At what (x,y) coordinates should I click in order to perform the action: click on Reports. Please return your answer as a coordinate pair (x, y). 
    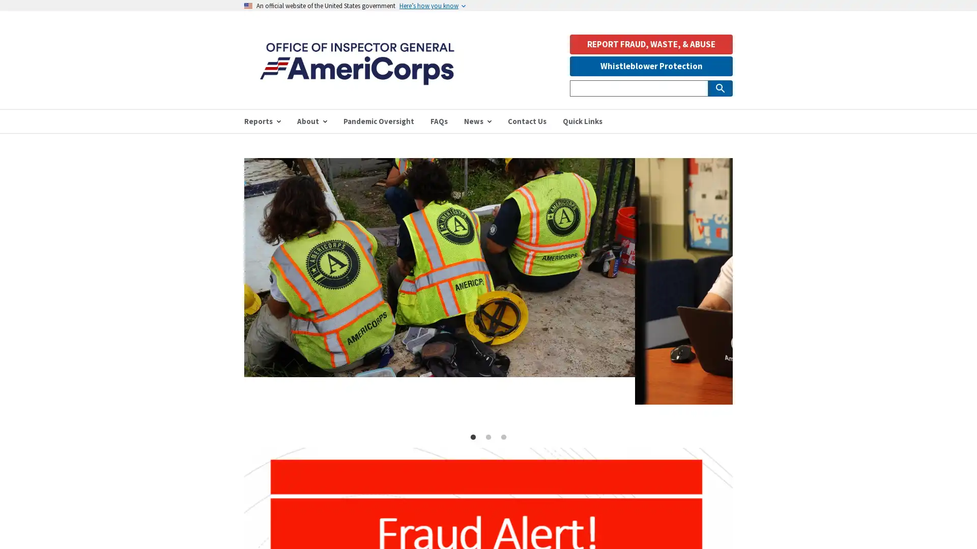
    Looking at the image, I should click on (262, 120).